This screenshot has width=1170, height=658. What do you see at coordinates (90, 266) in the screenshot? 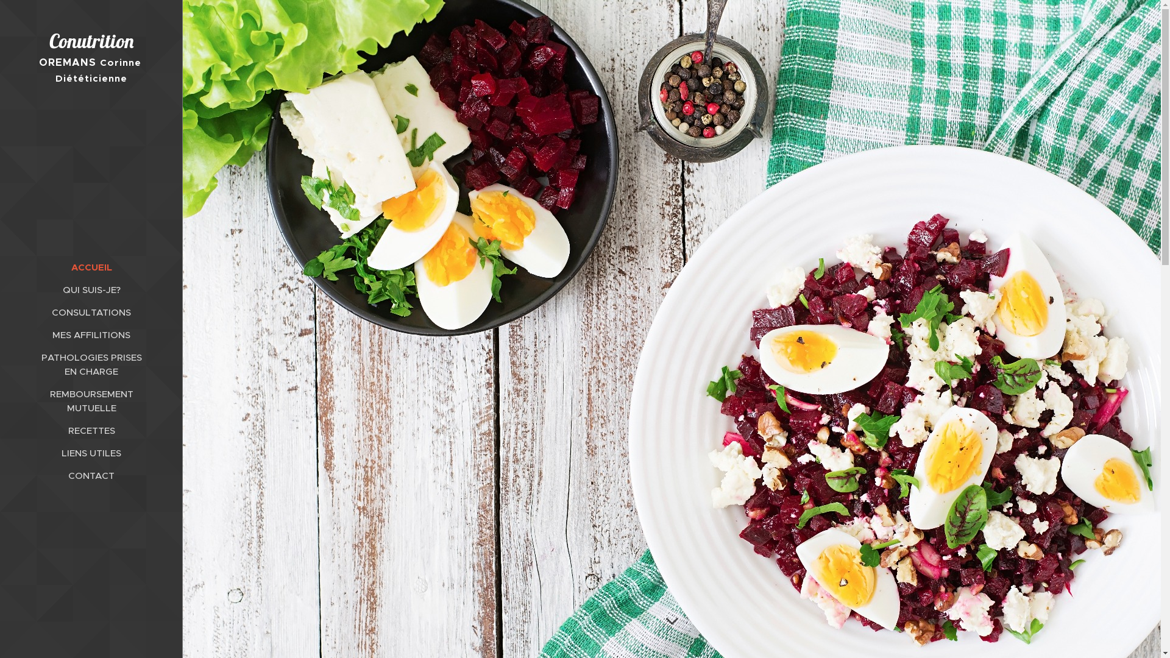
I see `'ACCUEIL'` at bounding box center [90, 266].